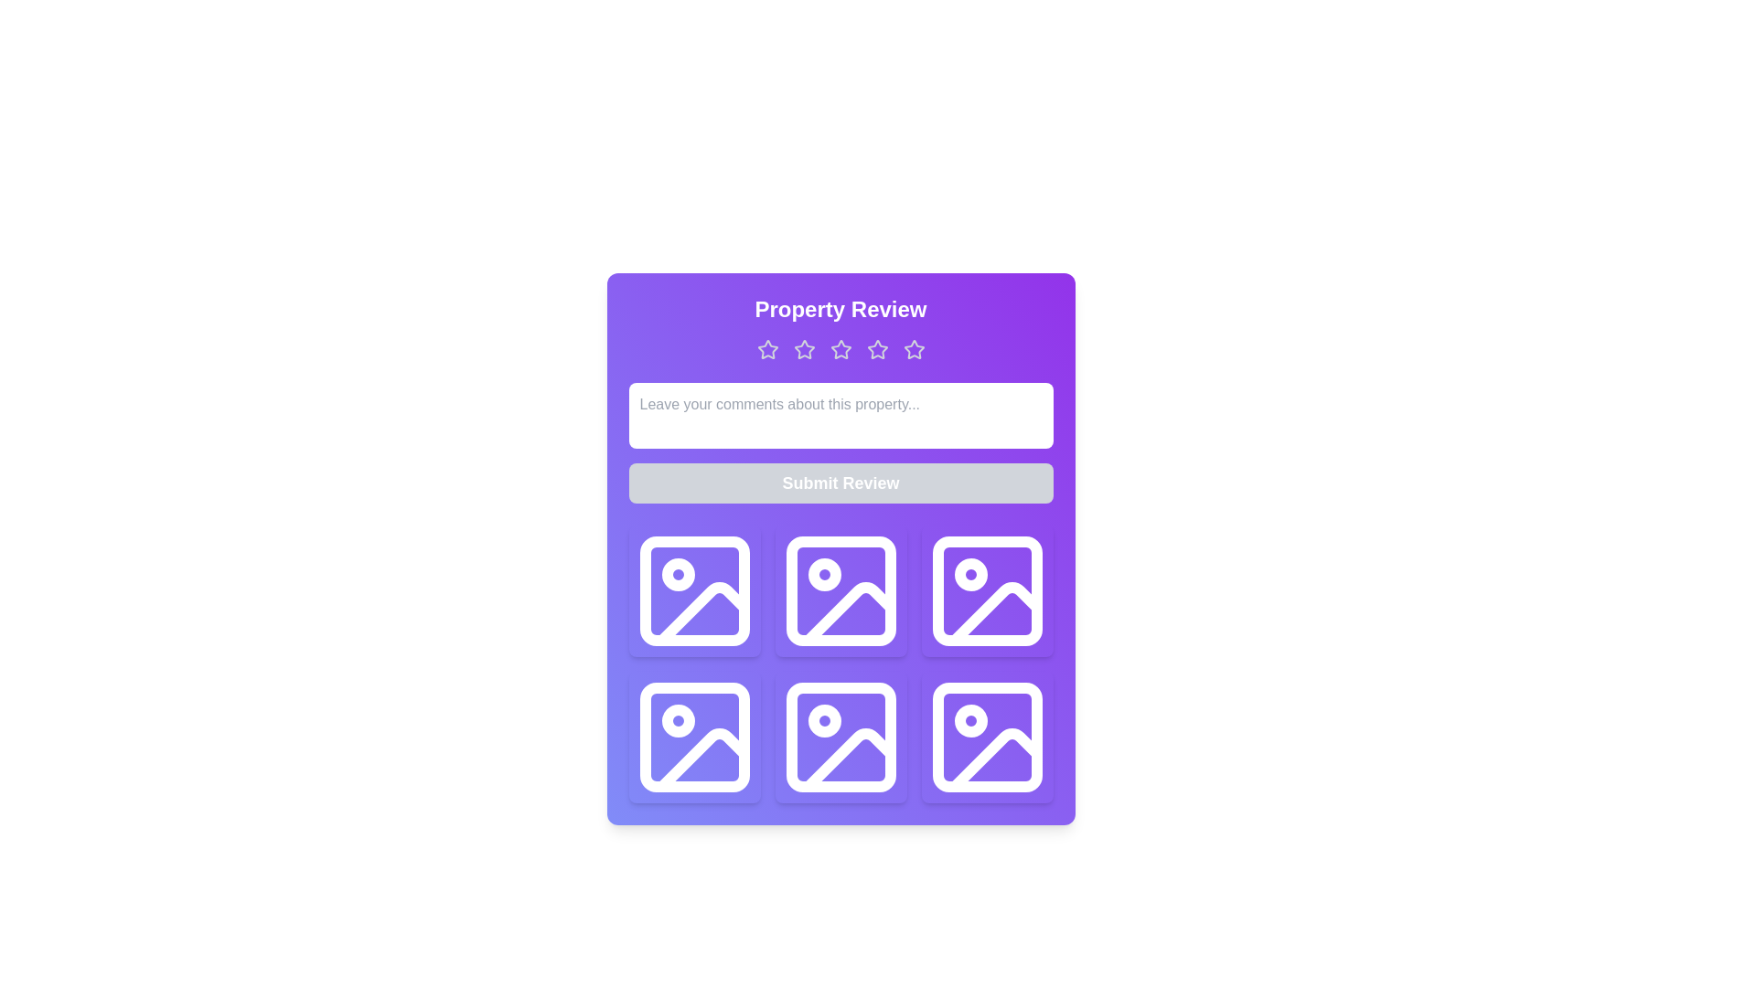 Image resolution: width=1756 pixels, height=987 pixels. I want to click on the rating to 1 stars by clicking on the corresponding star, so click(767, 349).